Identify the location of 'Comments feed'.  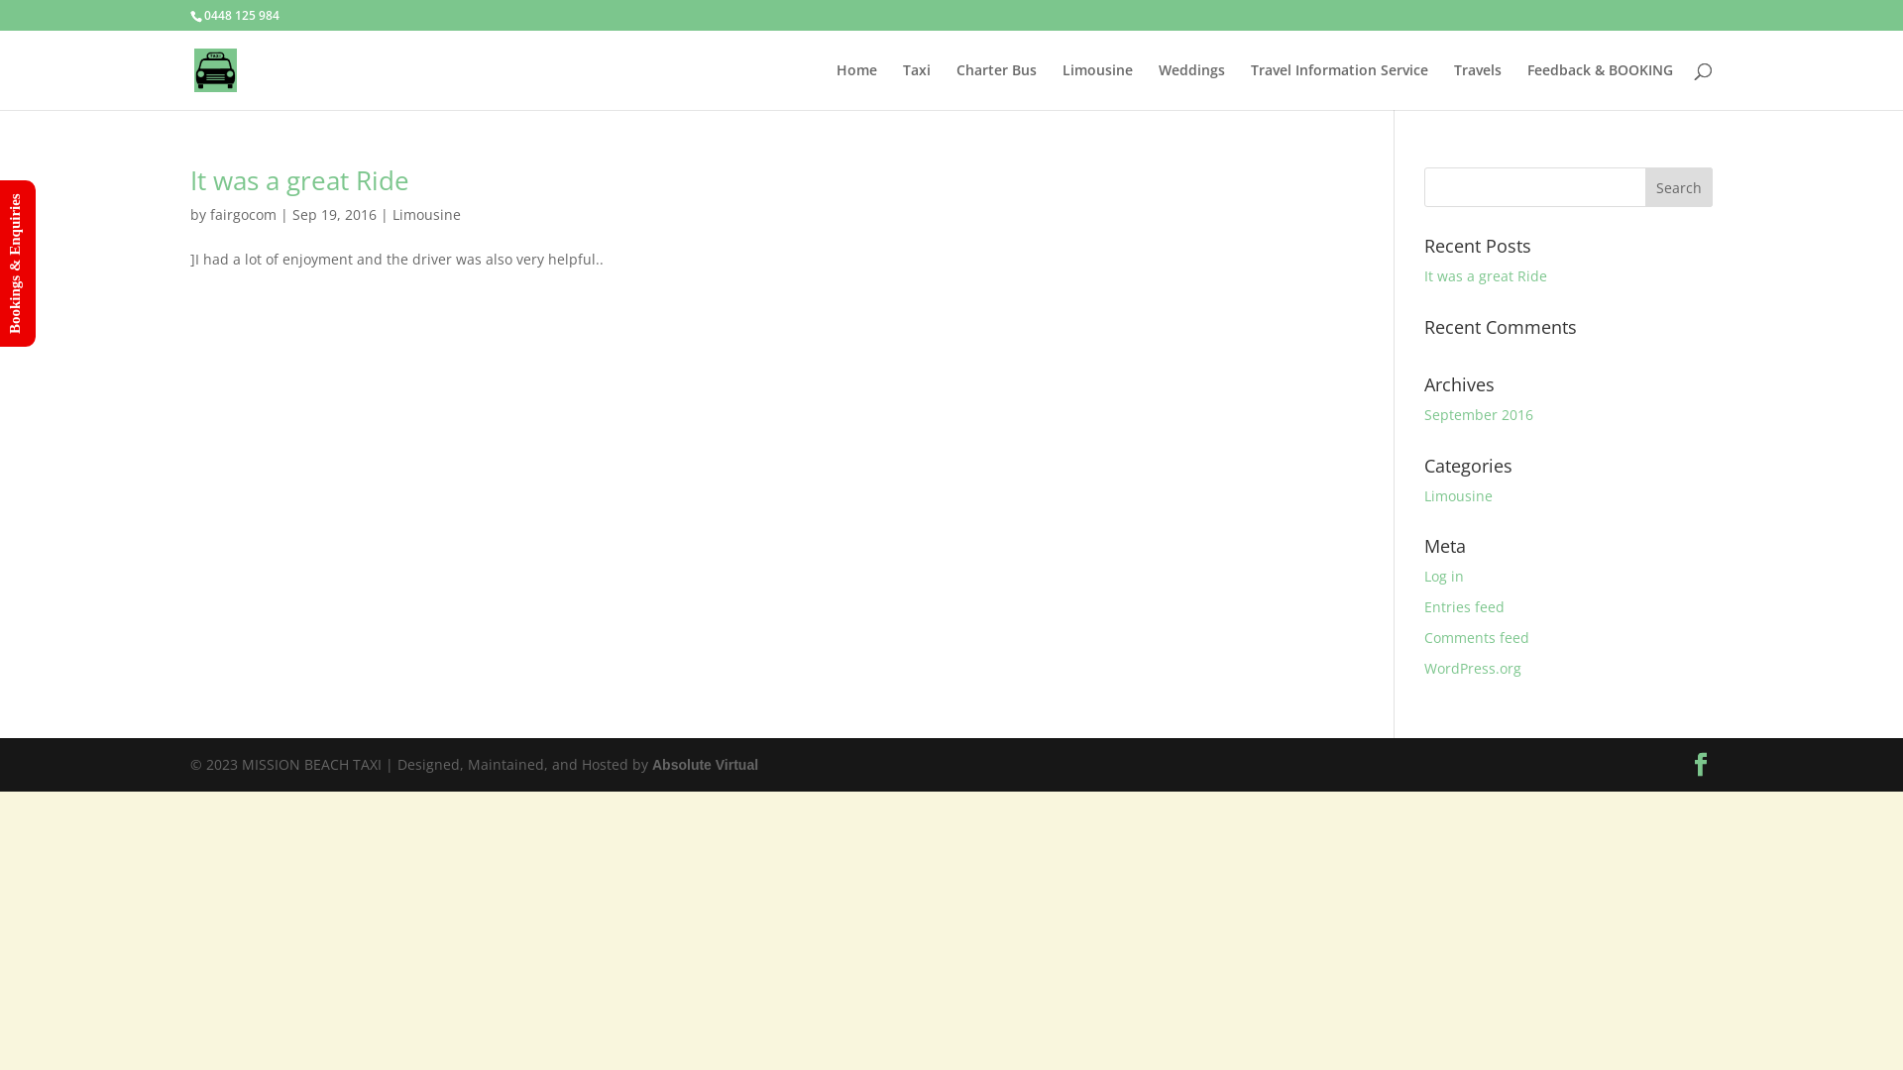
(1476, 637).